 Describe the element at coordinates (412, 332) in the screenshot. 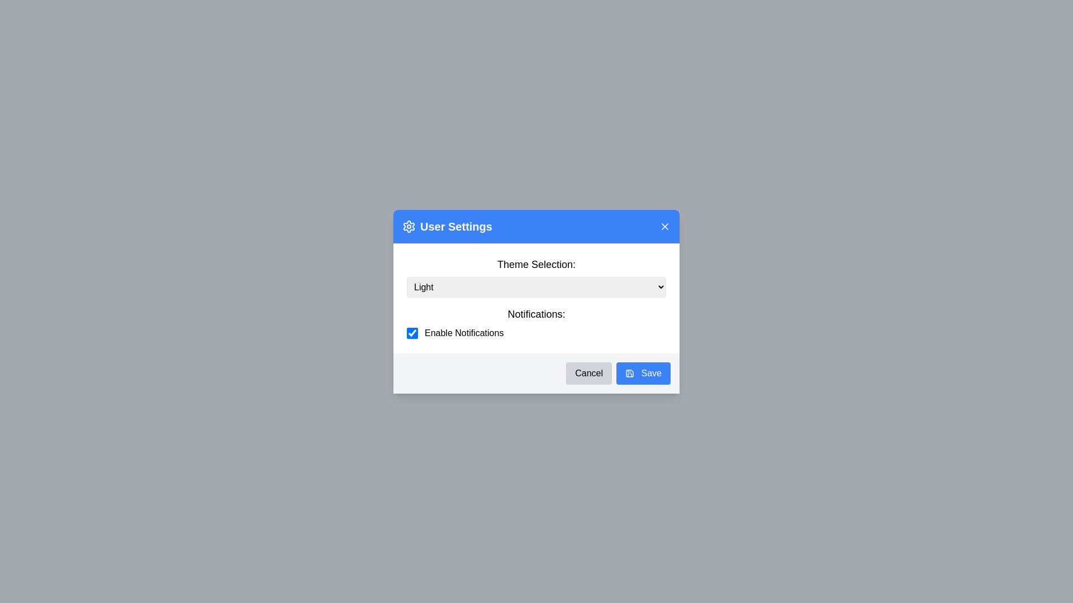

I see `the checkbox located in the 'Enable Notifications' group` at that location.